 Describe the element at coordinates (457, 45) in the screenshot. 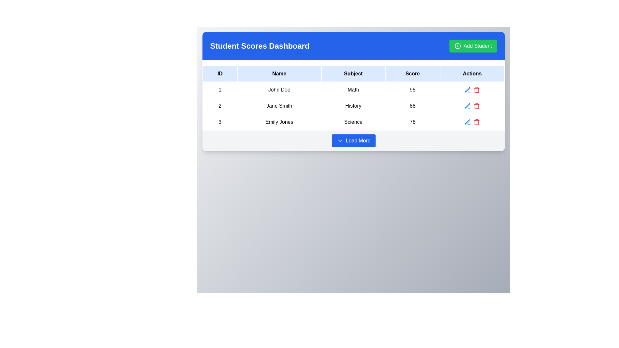

I see `the circular icon with a plus symbol at its center, which is styled with a green background and white outline, located to the left of the 'Add Student' button's text` at that location.